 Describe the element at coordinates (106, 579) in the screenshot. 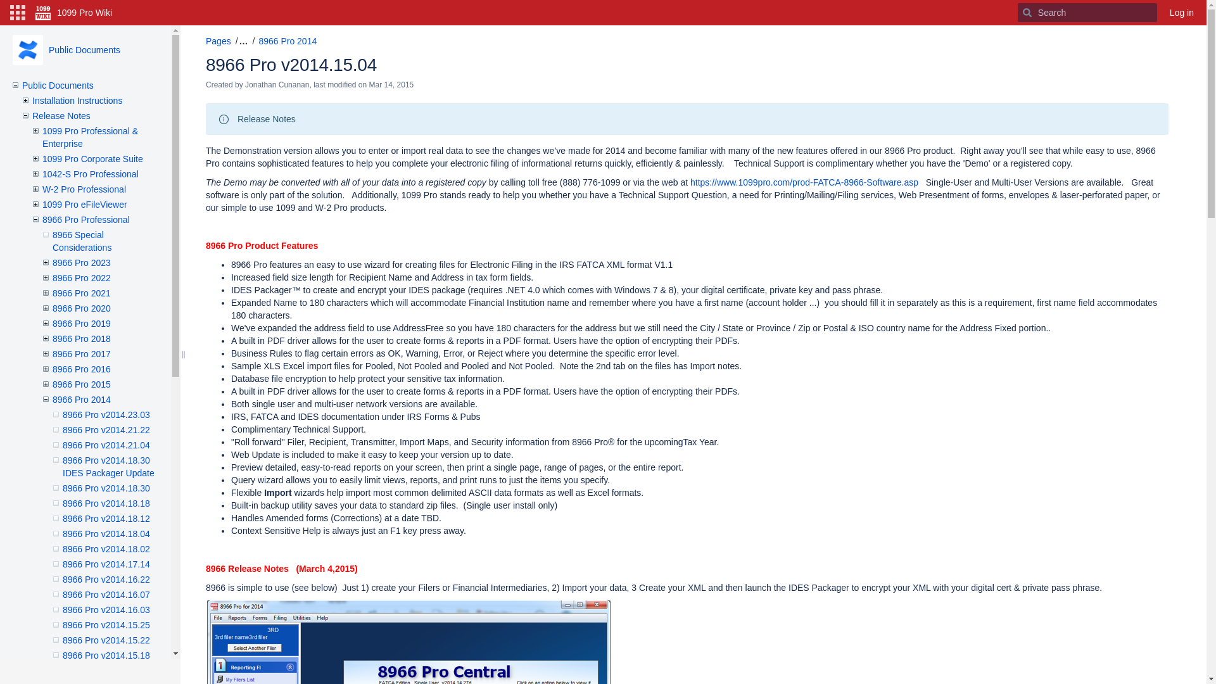

I see `'8966 Pro v2014.16.22'` at that location.